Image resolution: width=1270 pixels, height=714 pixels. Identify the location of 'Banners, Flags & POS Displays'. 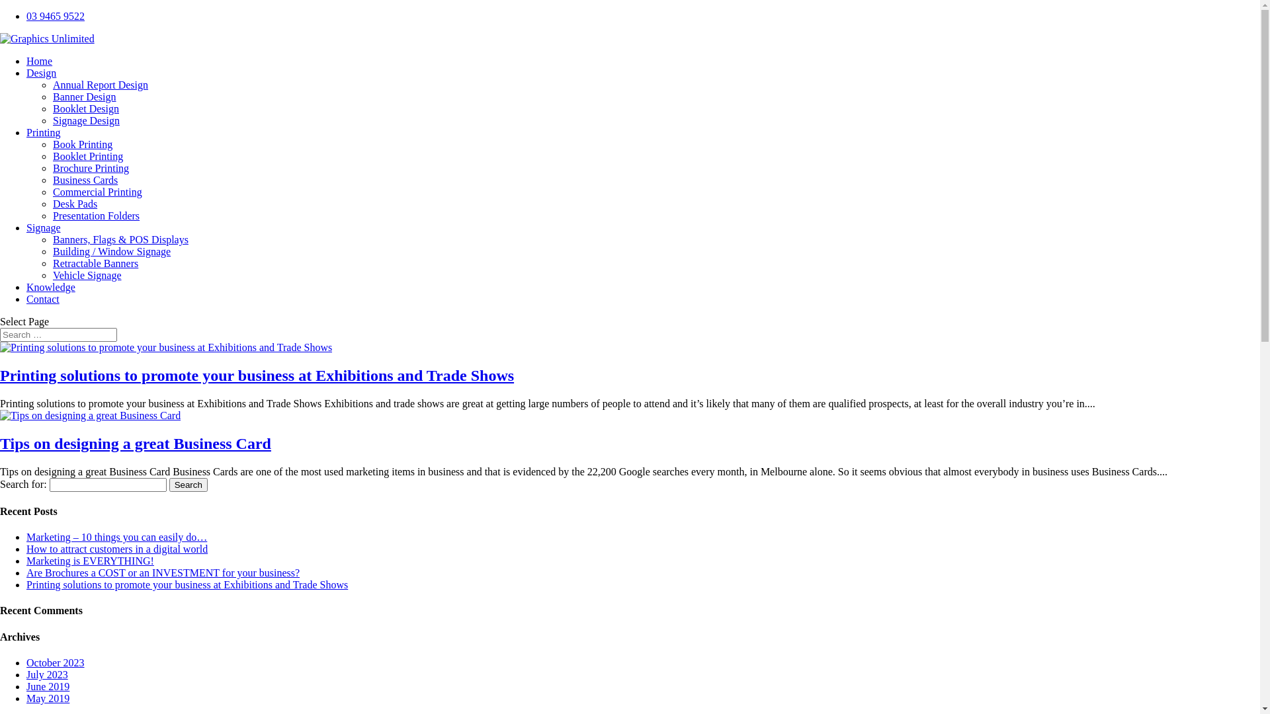
(120, 239).